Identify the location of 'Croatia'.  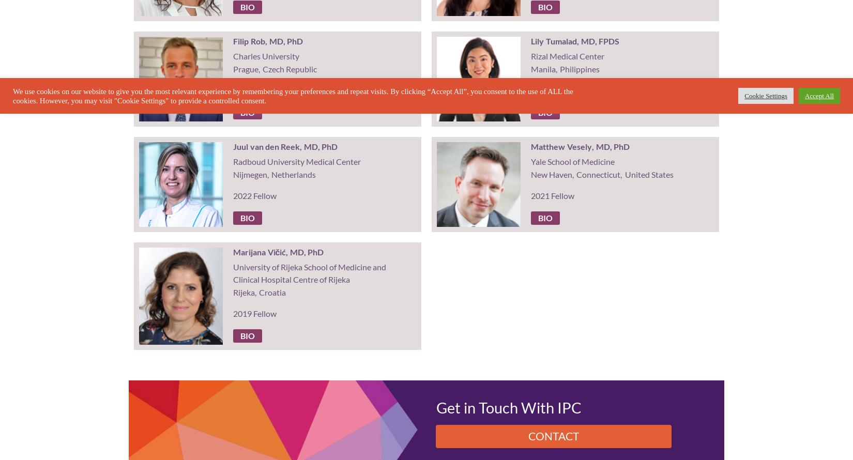
(257, 292).